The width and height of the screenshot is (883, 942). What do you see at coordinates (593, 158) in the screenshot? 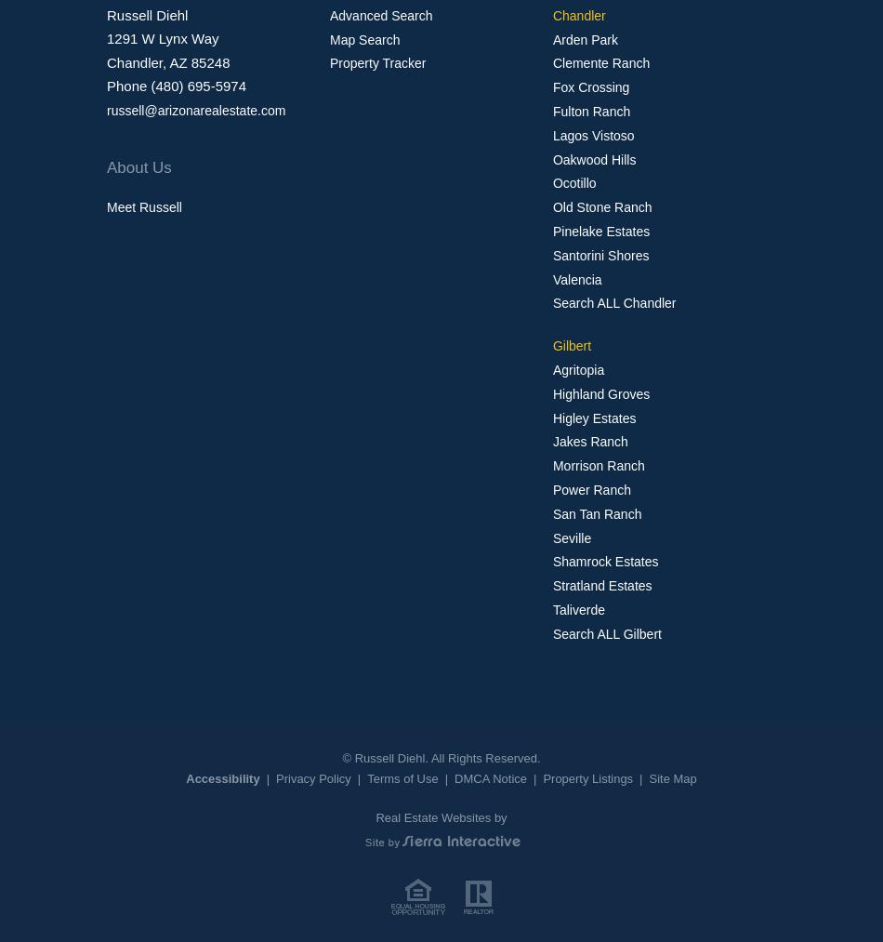
I see `'Oakwood Hills'` at bounding box center [593, 158].